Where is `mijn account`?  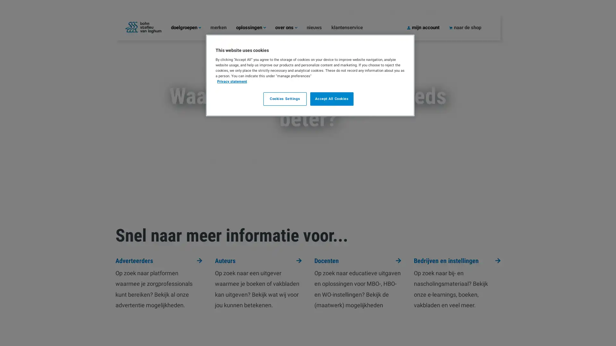
mijn account is located at coordinates (428, 27).